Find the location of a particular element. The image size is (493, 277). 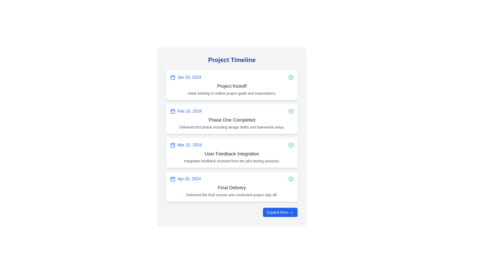

the Information Card titled 'Apr 25, 2024' which is the fourth card in the Project Timeline section is located at coordinates (231, 187).